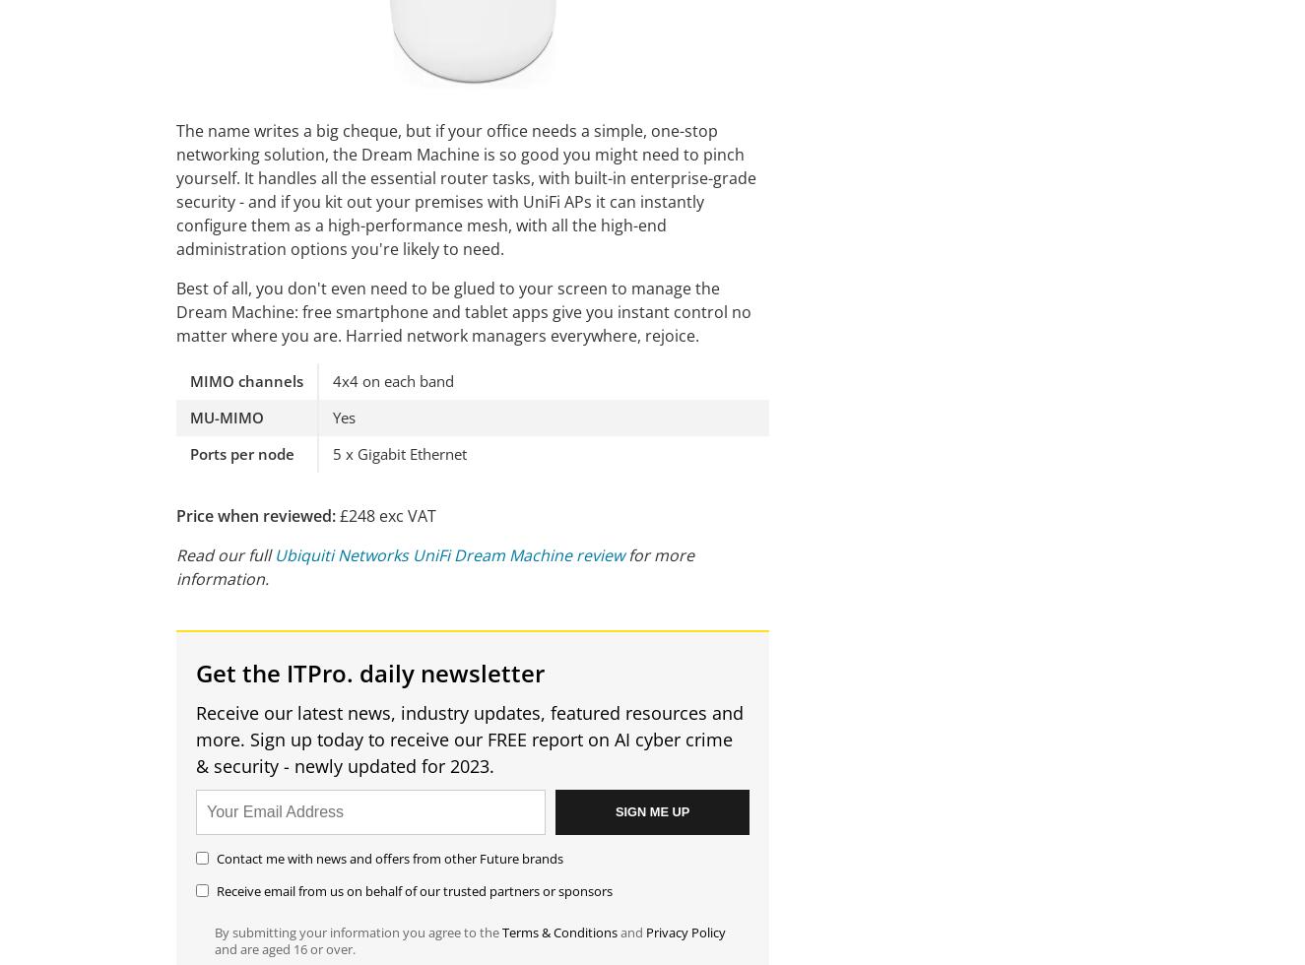  What do you see at coordinates (414, 889) in the screenshot?
I see `'Receive email from us on behalf of our trusted partners or sponsors'` at bounding box center [414, 889].